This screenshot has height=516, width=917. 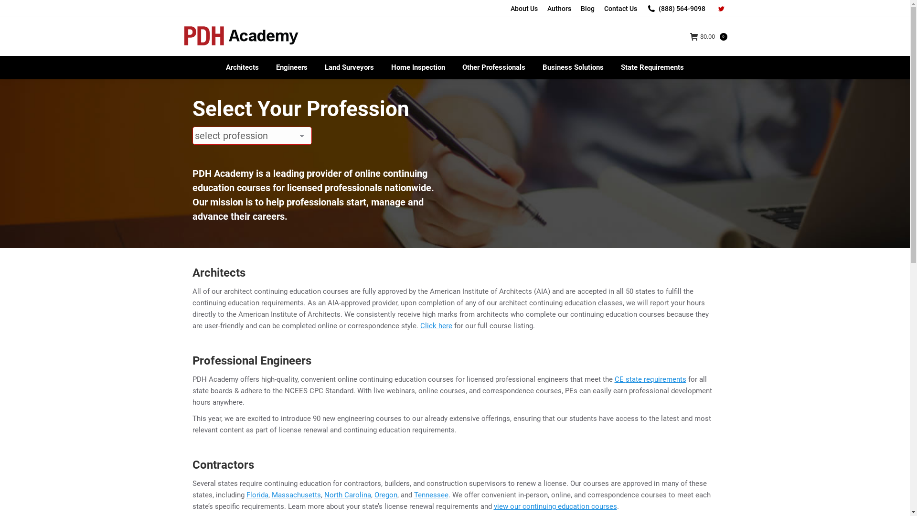 I want to click on 'About Us', so click(x=510, y=9).